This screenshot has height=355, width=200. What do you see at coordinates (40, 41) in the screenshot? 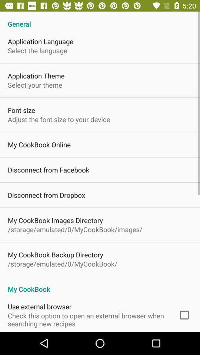
I see `application language app` at bounding box center [40, 41].